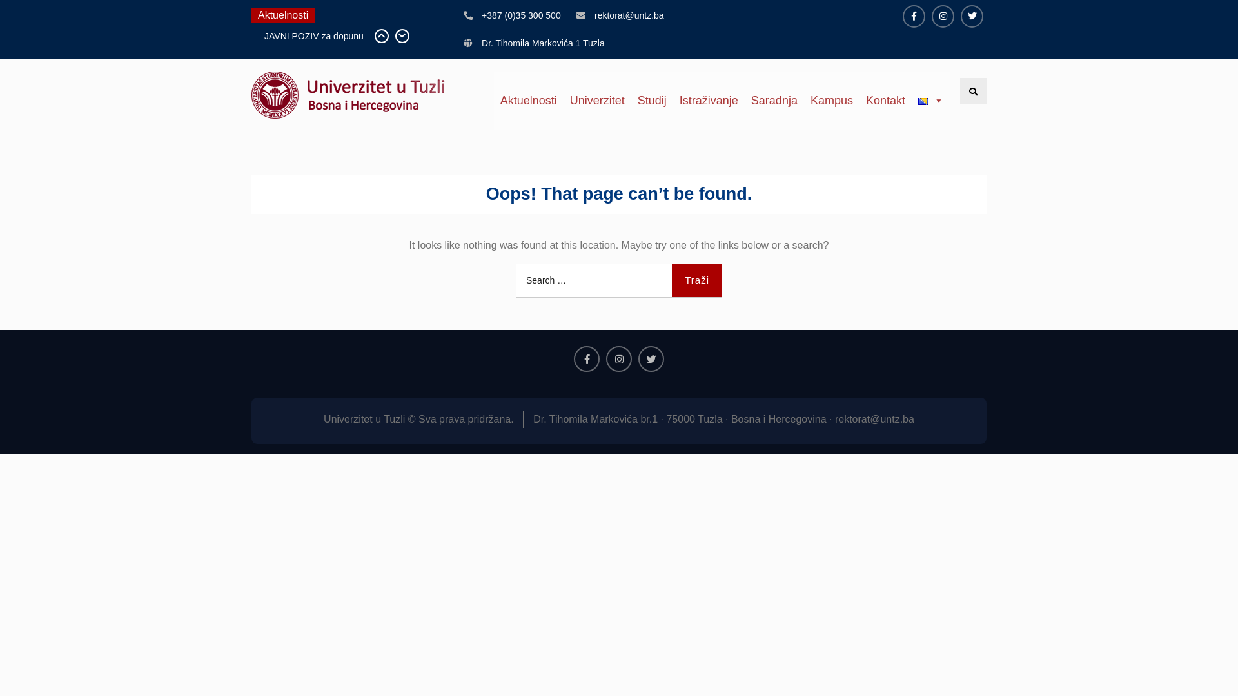 The width and height of the screenshot is (1238, 696). What do you see at coordinates (596, 99) in the screenshot?
I see `'Univerzitet'` at bounding box center [596, 99].